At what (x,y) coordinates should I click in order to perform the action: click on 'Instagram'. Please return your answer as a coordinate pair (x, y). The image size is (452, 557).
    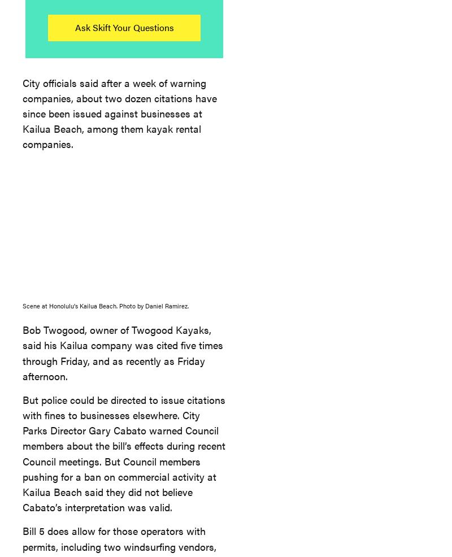
    Looking at the image, I should click on (309, 136).